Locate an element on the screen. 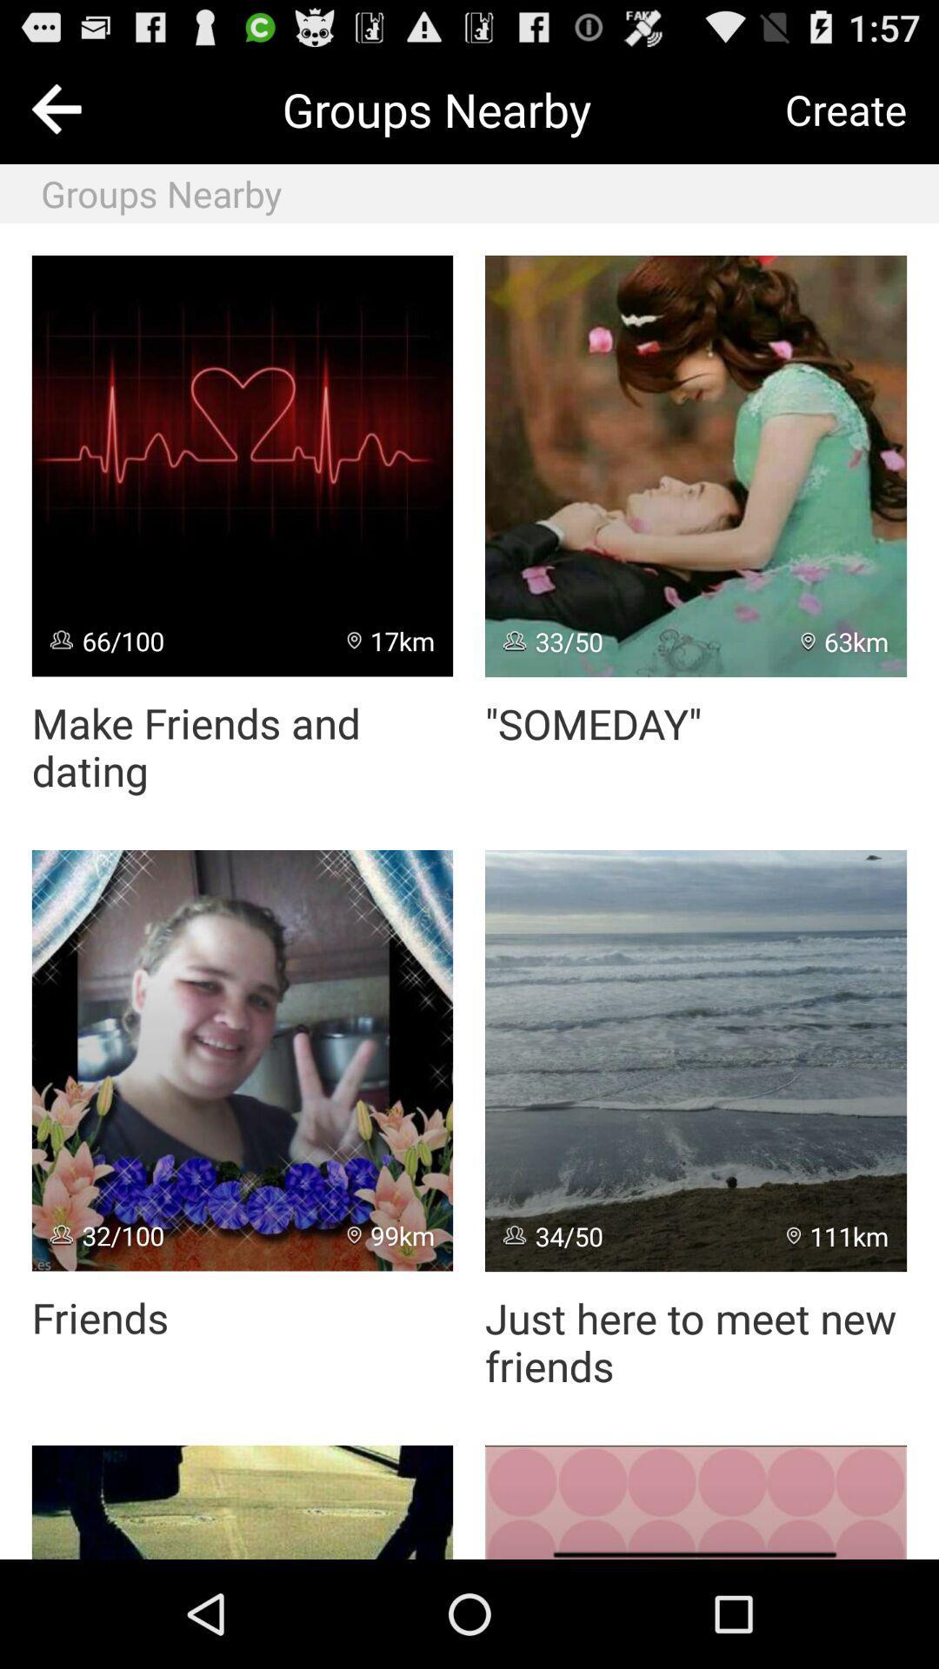 Image resolution: width=939 pixels, height=1669 pixels. the arrow_backward icon is located at coordinates (59, 116).